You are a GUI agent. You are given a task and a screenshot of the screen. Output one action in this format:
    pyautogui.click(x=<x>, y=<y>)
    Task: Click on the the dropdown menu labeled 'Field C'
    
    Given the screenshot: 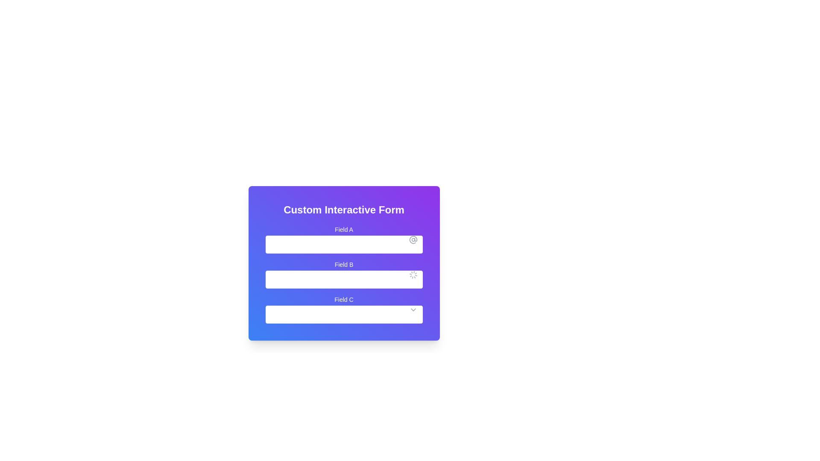 What is the action you would take?
    pyautogui.click(x=344, y=309)
    